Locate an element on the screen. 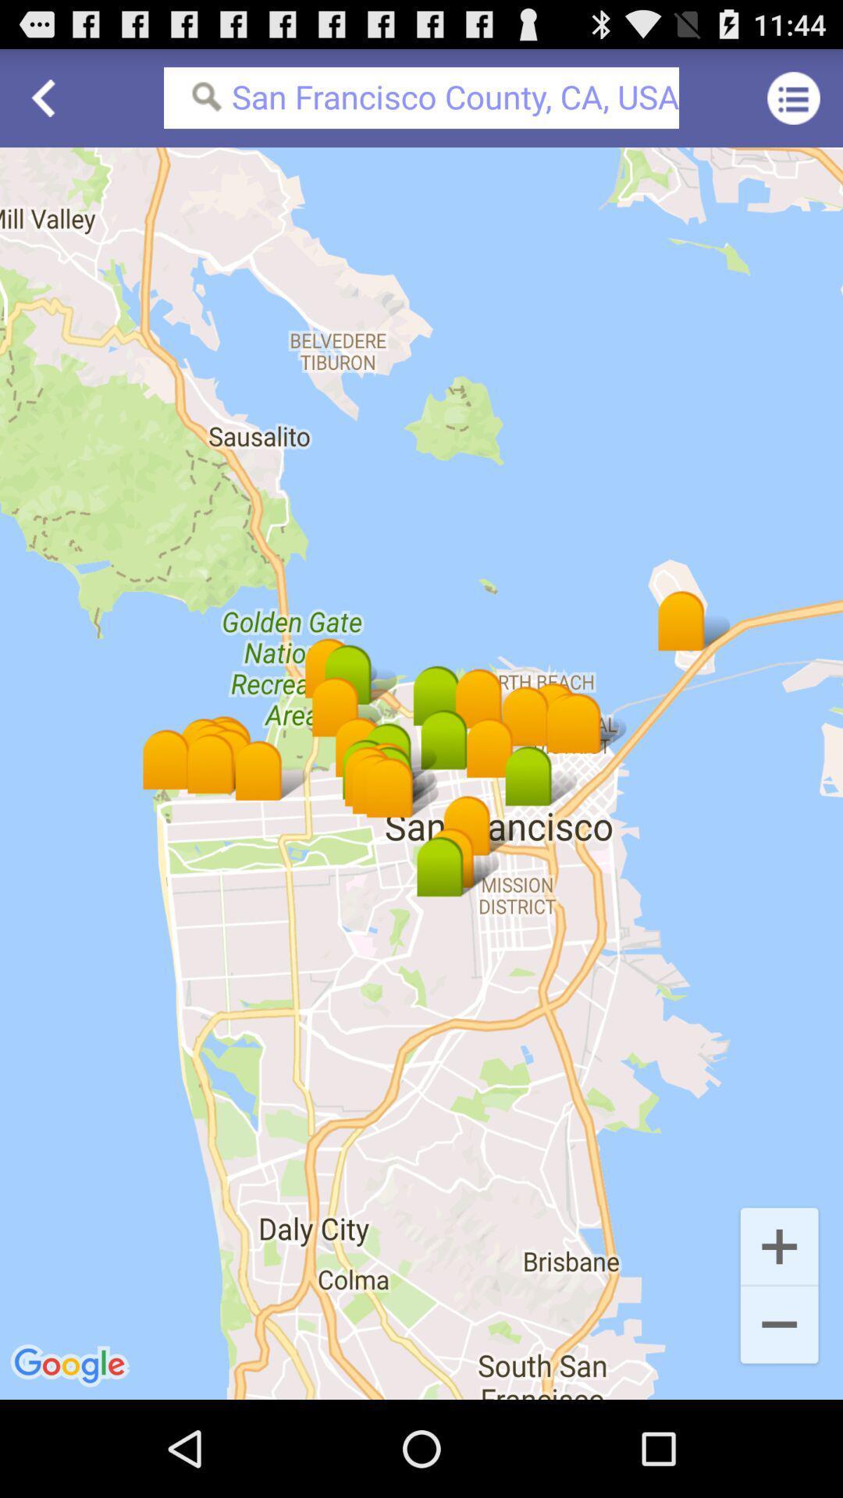 This screenshot has height=1498, width=843. icon at the top right corner is located at coordinates (794, 97).